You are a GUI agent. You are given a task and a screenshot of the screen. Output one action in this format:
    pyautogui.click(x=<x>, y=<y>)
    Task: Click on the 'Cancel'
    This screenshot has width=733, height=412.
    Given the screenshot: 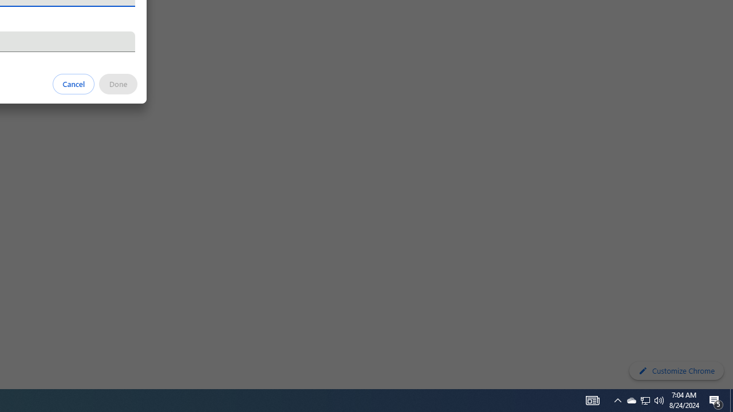 What is the action you would take?
    pyautogui.click(x=73, y=83)
    